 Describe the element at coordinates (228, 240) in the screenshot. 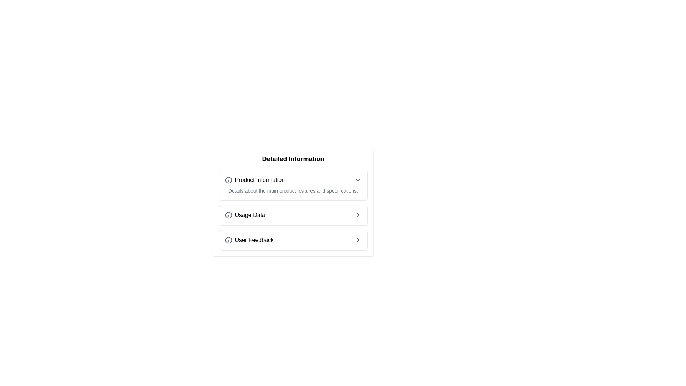

I see `the outermost SVG circle element located to the left of the 'Product Information' text in the vertically arranged list of items` at that location.